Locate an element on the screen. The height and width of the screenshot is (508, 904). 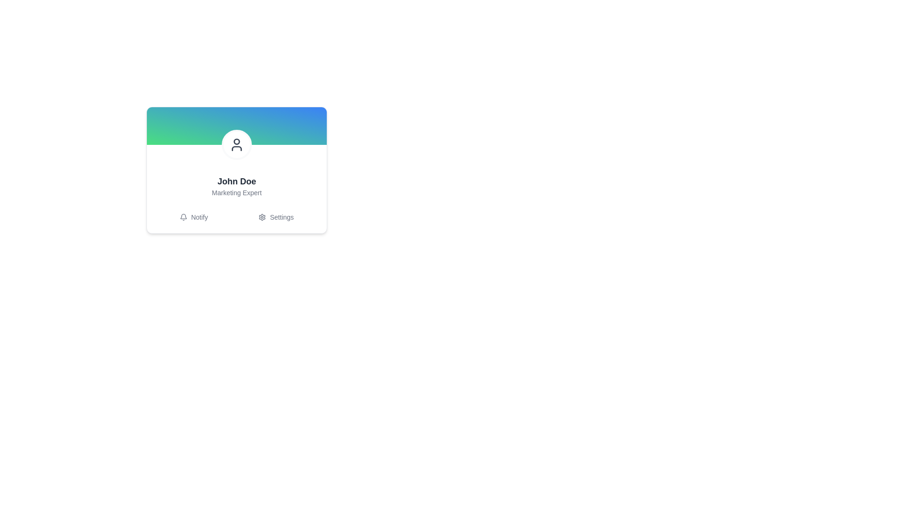
the circular graphic element representing the user icon located above the name 'John Doe' in the user profile card is located at coordinates (237, 141).